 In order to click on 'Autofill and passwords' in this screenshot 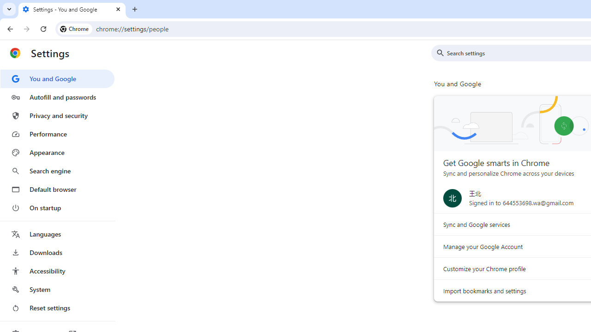, I will do `click(57, 97)`.